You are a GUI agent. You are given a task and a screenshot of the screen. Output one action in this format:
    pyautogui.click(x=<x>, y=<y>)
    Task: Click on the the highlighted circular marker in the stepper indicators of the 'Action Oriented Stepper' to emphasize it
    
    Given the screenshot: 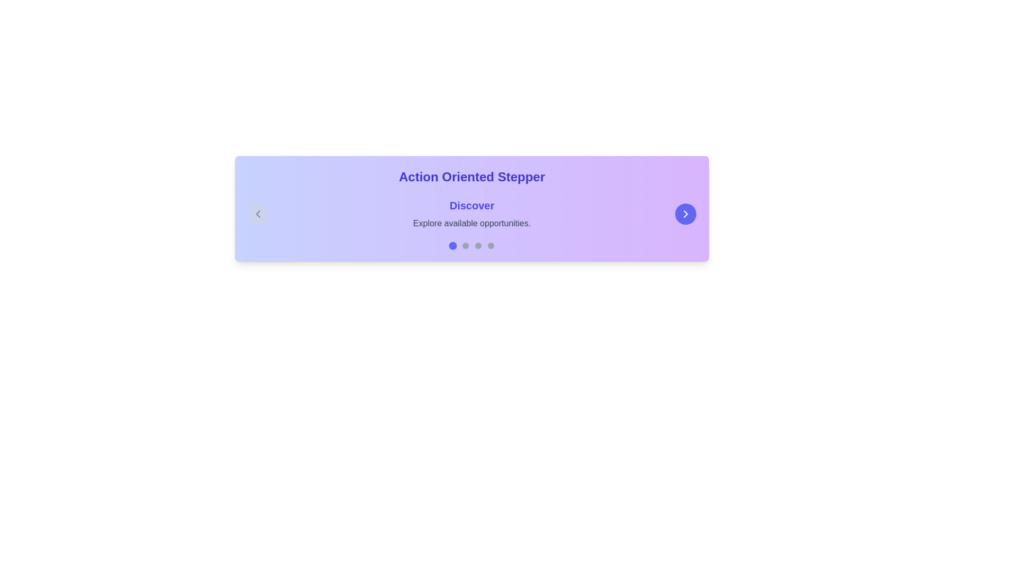 What is the action you would take?
    pyautogui.click(x=471, y=246)
    